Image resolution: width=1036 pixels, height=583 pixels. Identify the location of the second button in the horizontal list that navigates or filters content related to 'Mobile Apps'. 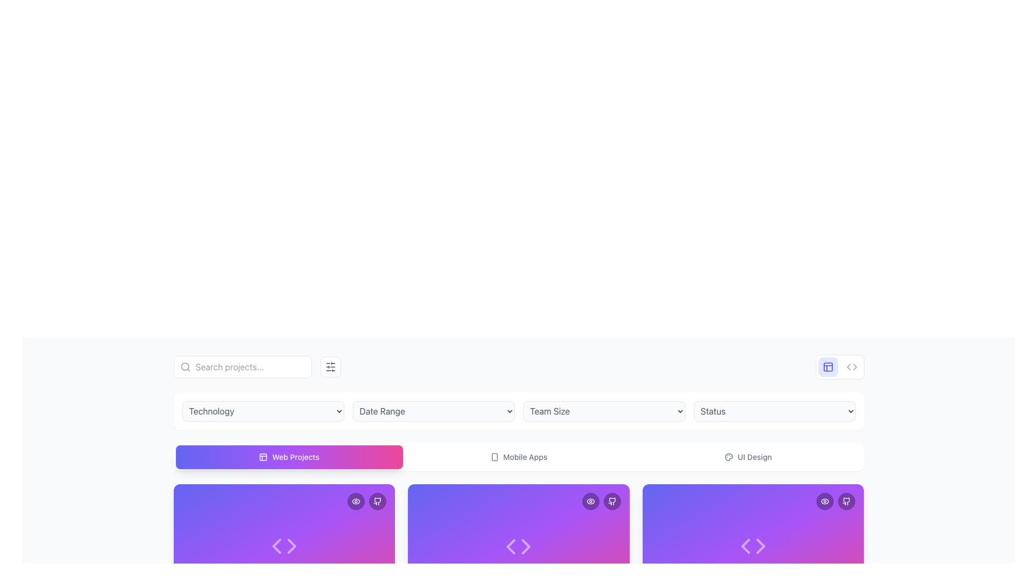
(519, 457).